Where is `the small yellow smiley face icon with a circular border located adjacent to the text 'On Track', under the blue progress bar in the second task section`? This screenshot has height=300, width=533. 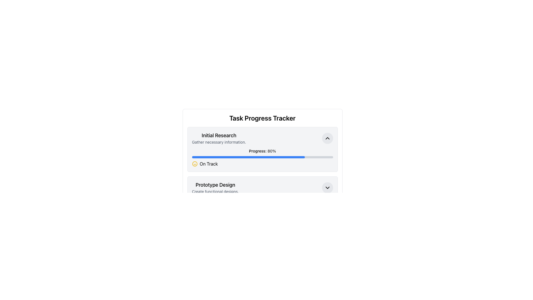
the small yellow smiley face icon with a circular border located adjacent to the text 'On Track', under the blue progress bar in the second task section is located at coordinates (195, 164).